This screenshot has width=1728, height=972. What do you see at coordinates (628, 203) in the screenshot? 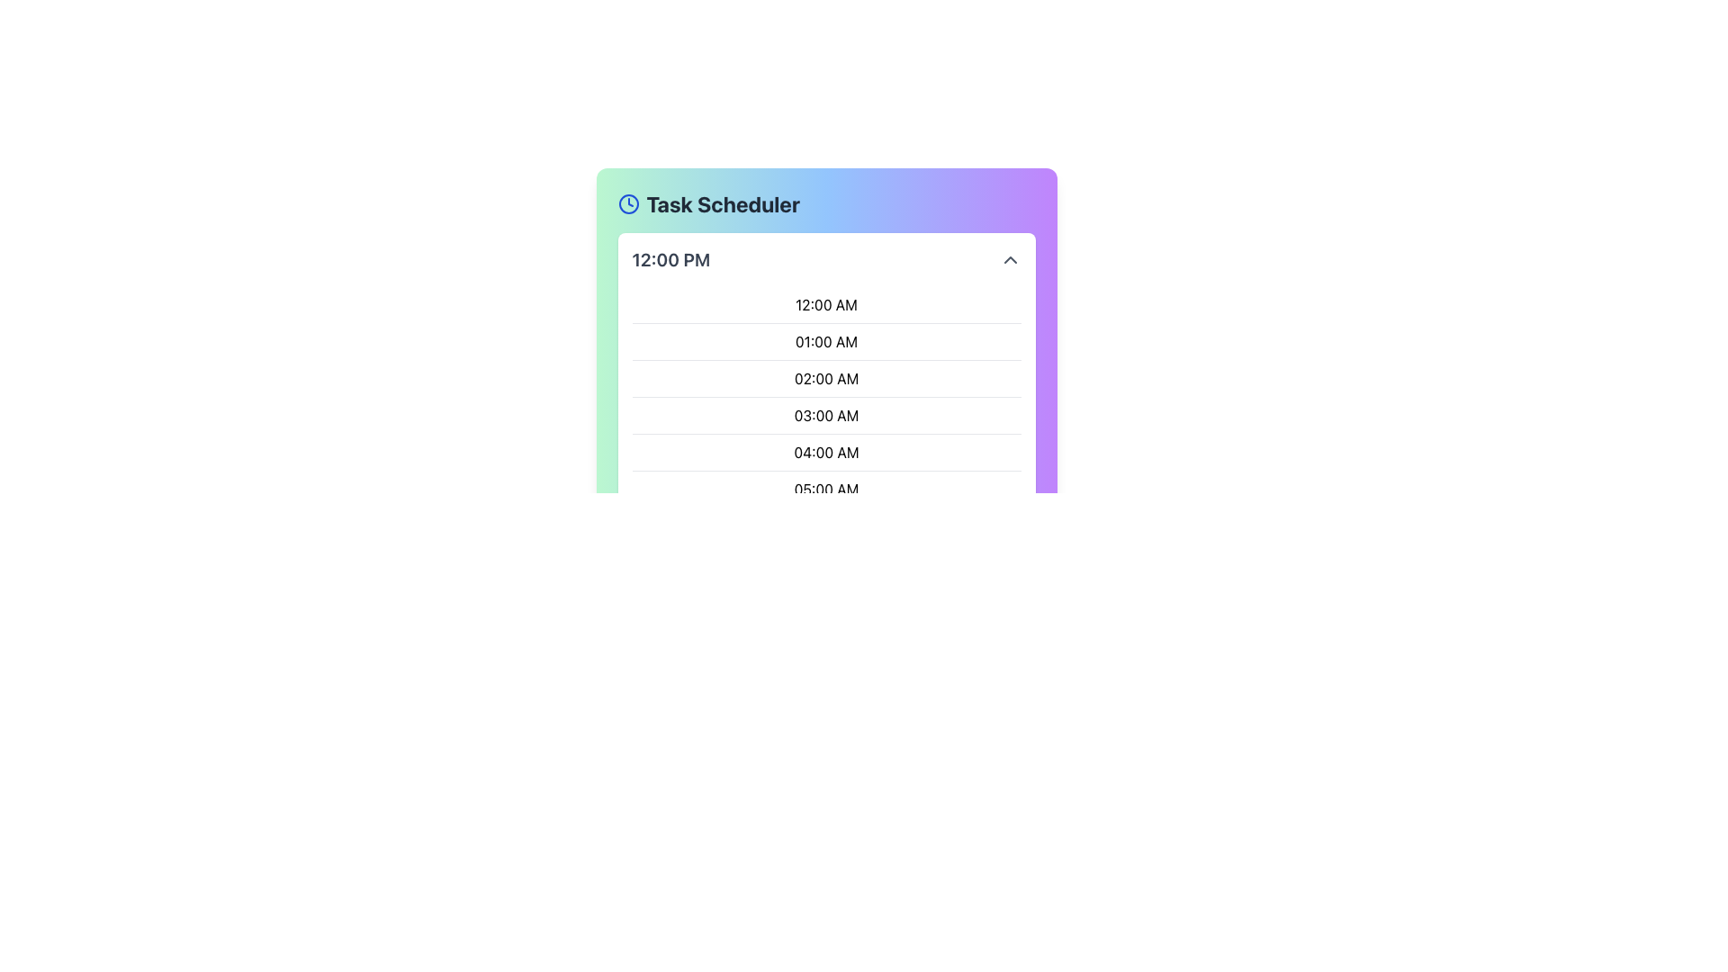
I see `the clock icon located to the left of the 'Task Scheduler' text in the header area` at bounding box center [628, 203].